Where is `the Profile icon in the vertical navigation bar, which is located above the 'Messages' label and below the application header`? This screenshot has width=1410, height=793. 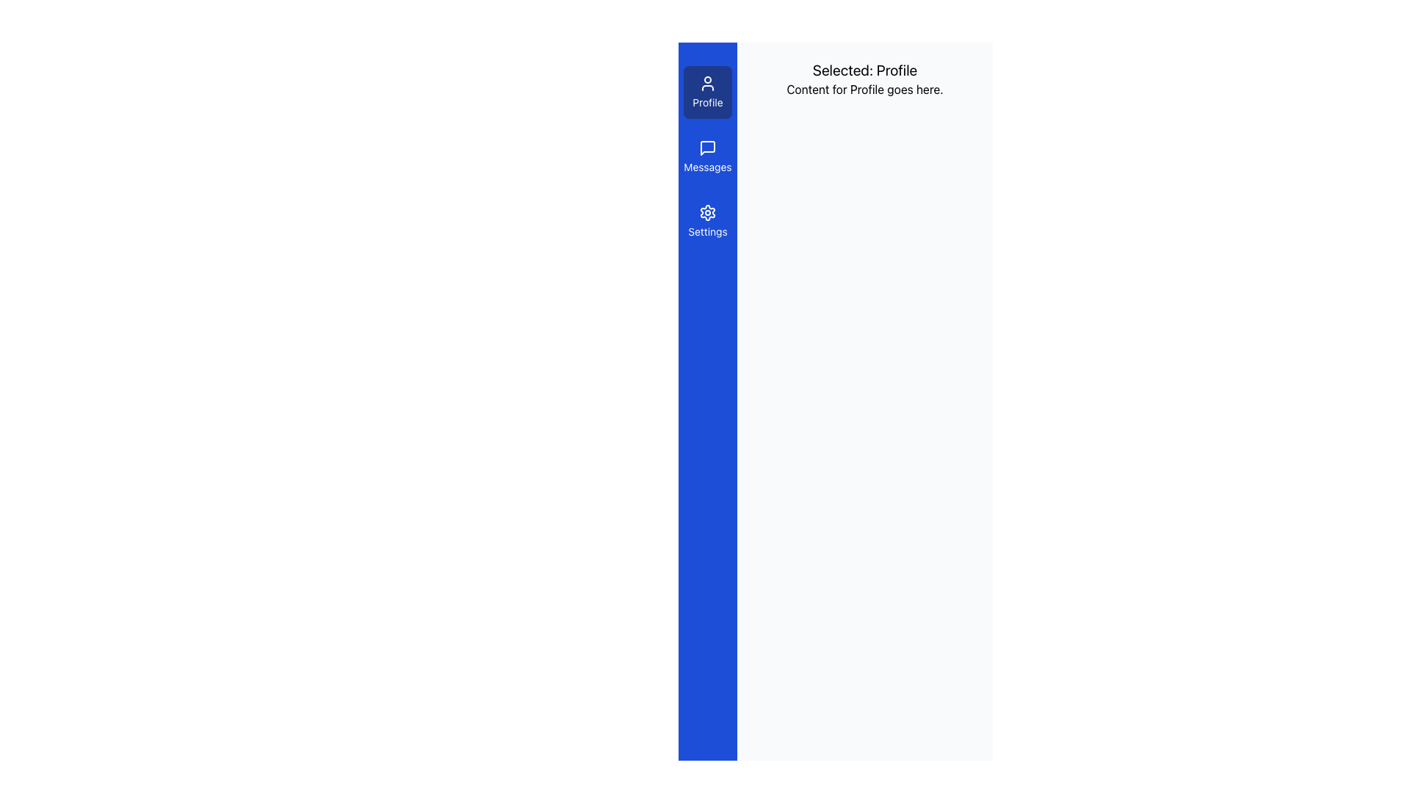
the Profile icon in the vertical navigation bar, which is located above the 'Messages' label and below the application header is located at coordinates (708, 84).